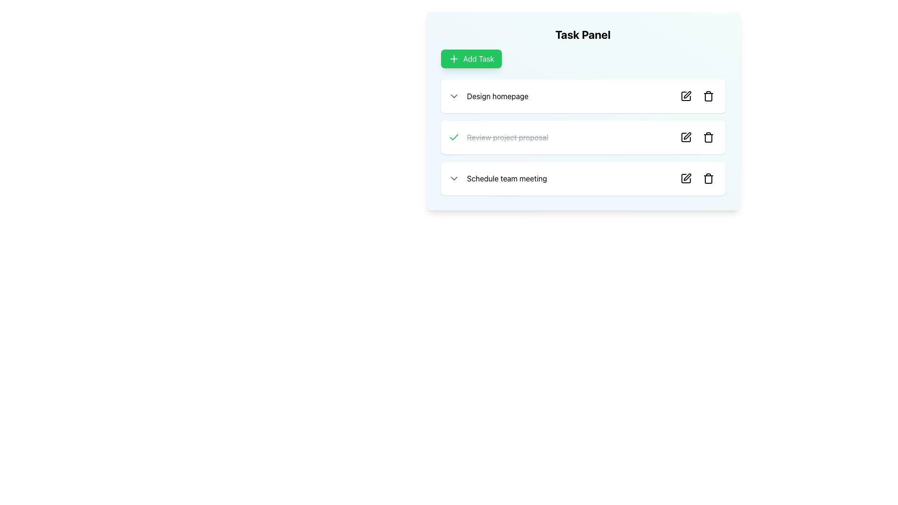 The image size is (898, 505). I want to click on the plus sign icon within the green 'Add Task' button, so click(454, 59).